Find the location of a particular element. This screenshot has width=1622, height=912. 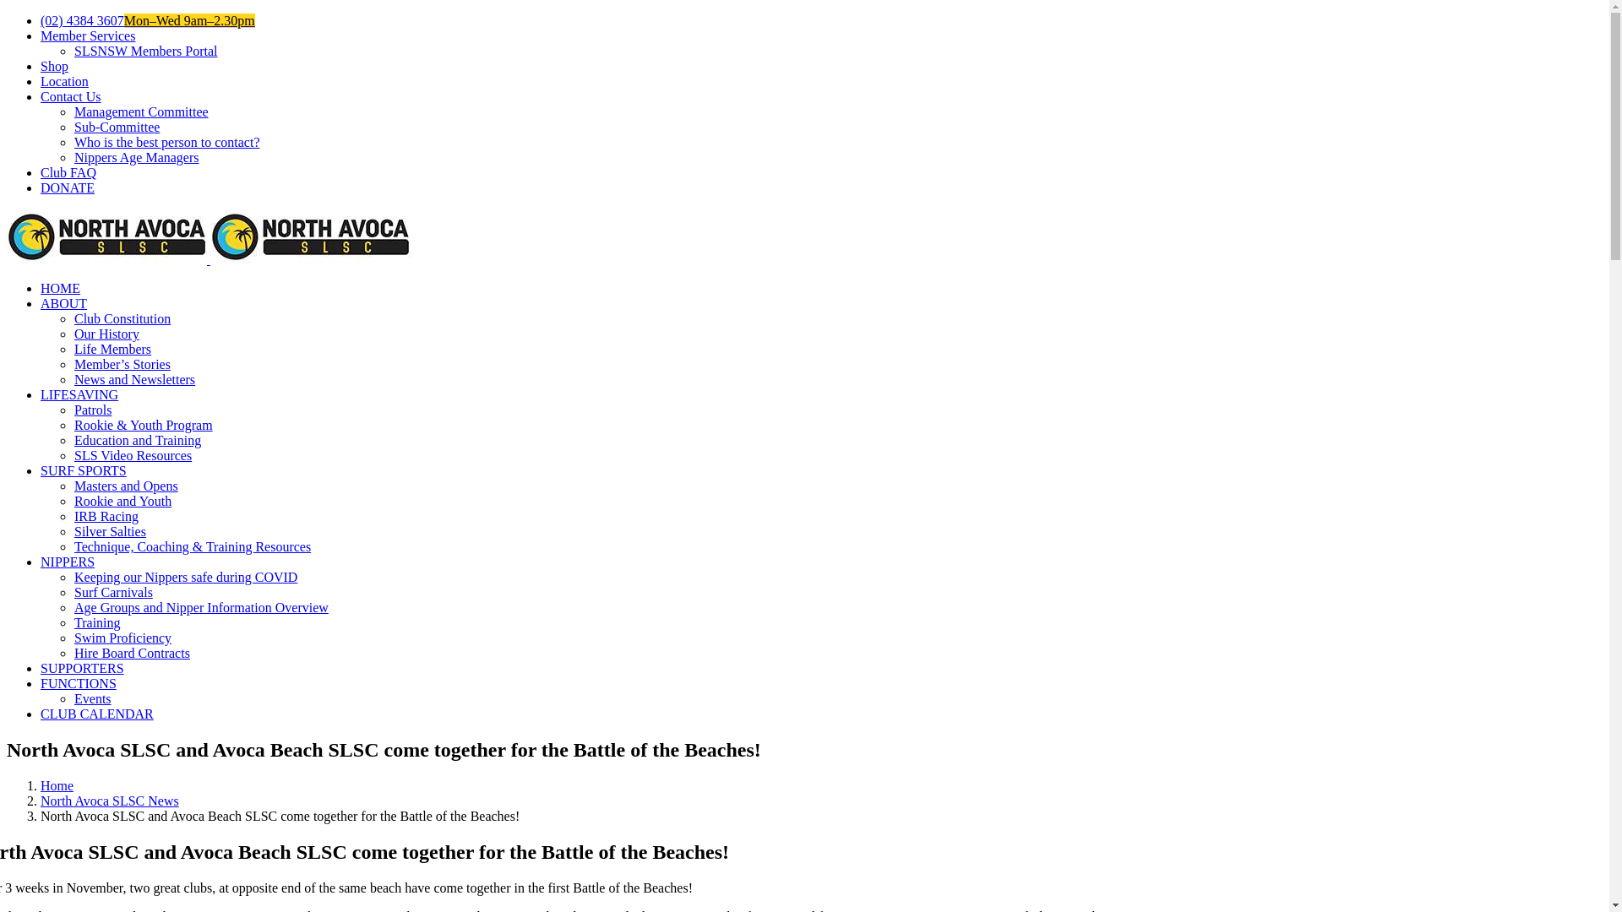

'Nippers Age Managers' is located at coordinates (137, 157).